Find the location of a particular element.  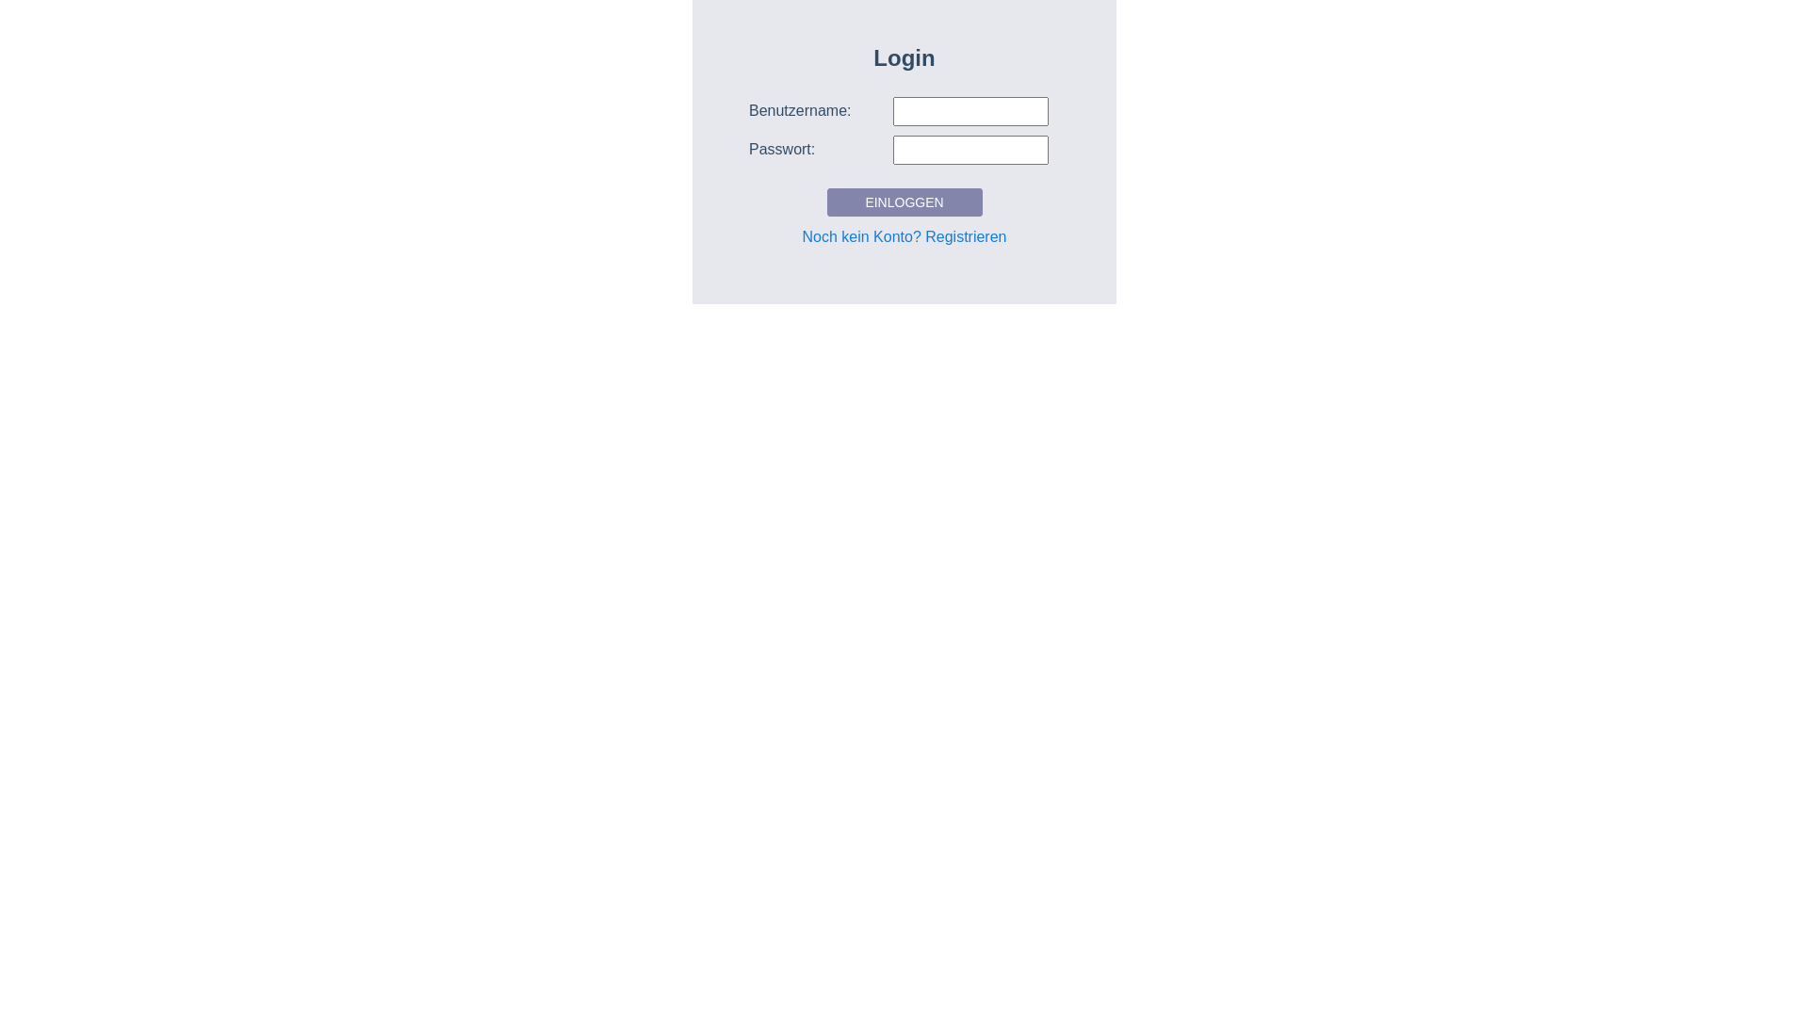

'Noch kein Konto? Registrieren' is located at coordinates (903, 235).